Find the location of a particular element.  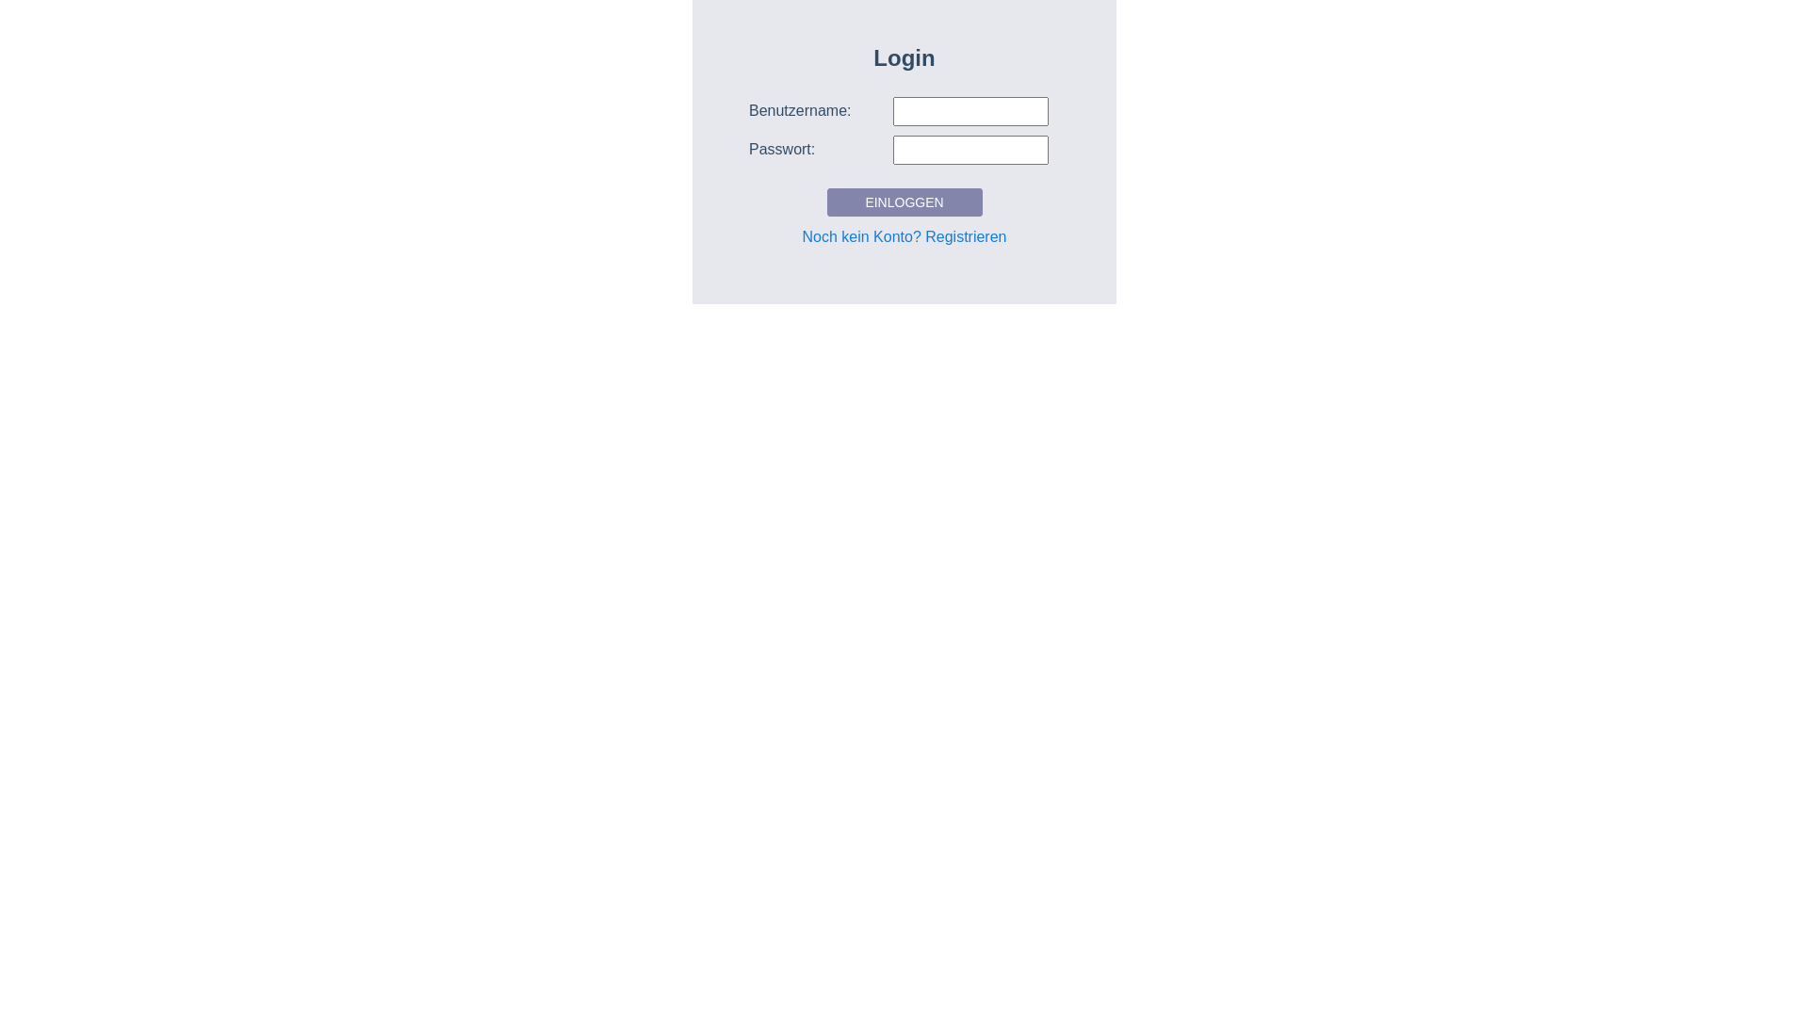

'Noch kein Konto? Registrieren' is located at coordinates (903, 235).